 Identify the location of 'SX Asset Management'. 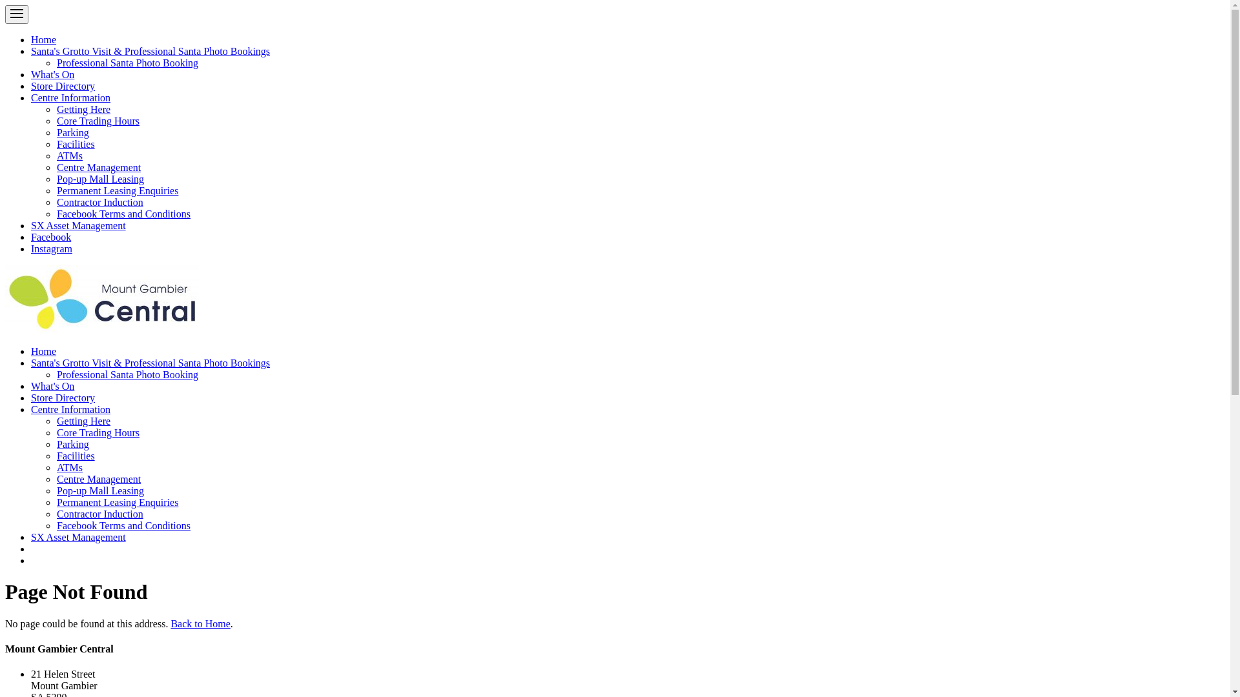
(77, 537).